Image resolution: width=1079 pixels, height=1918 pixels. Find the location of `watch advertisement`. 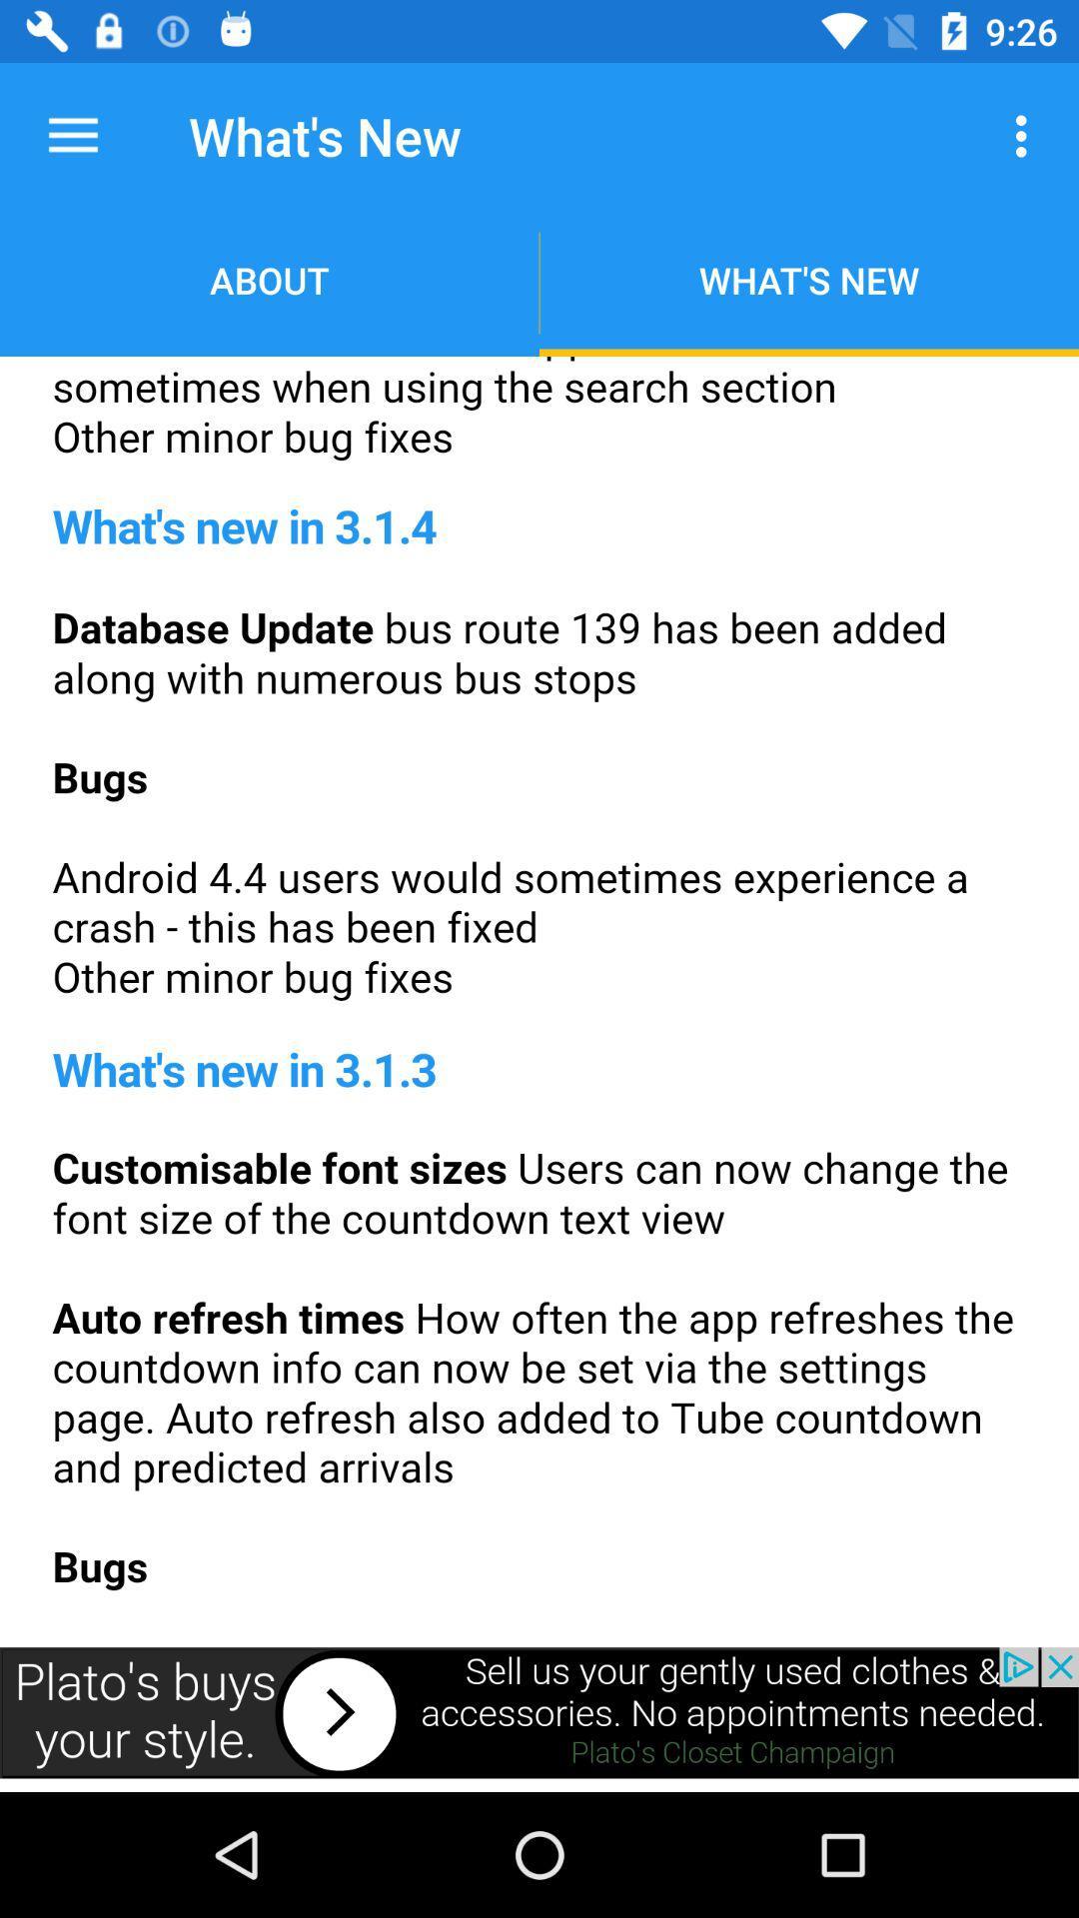

watch advertisement is located at coordinates (539, 1711).